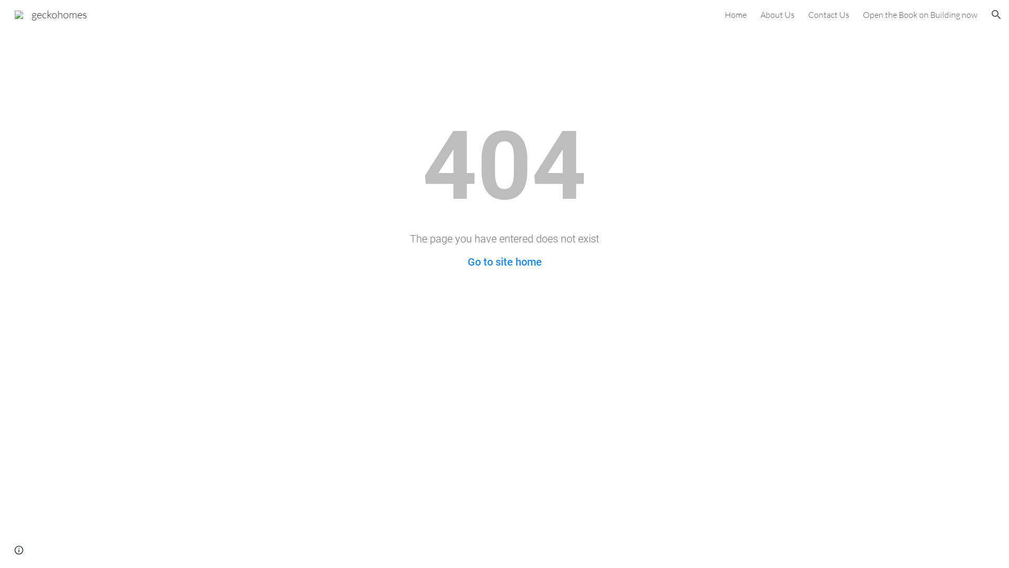  I want to click on 'About Us', so click(777, 14).